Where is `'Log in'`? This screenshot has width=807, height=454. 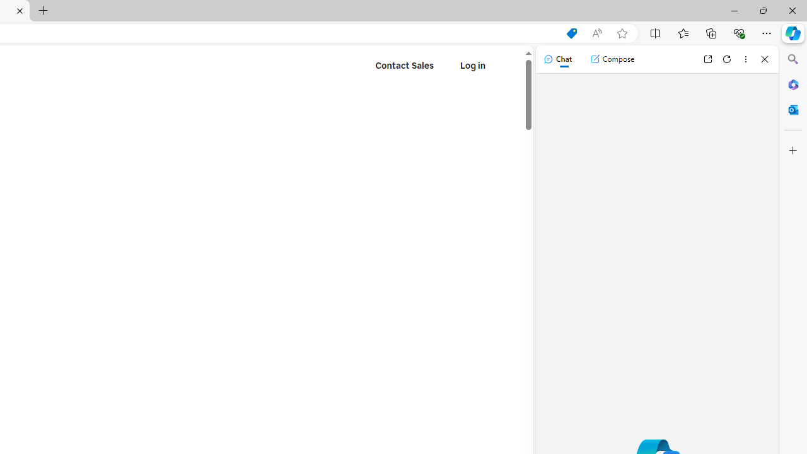 'Log in' is located at coordinates (472, 66).